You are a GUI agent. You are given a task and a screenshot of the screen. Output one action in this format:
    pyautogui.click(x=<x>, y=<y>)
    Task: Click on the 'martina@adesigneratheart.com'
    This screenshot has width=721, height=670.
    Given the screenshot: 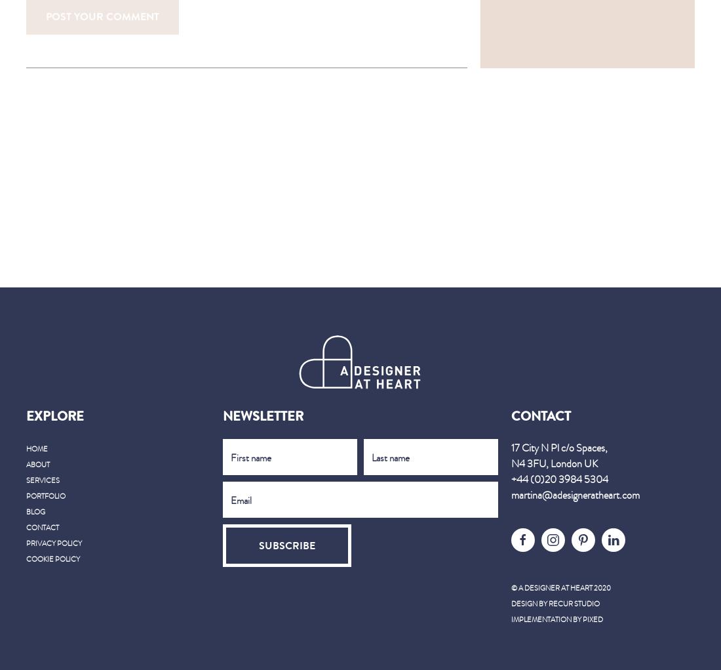 What is the action you would take?
    pyautogui.click(x=511, y=495)
    